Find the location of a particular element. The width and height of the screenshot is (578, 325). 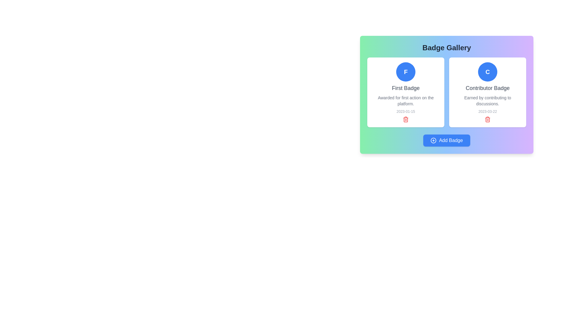

the 'Add Badge' text element located at the bottom center of the 'Badge Gallery' button, which prompts the user to click to add a badge is located at coordinates (451, 140).